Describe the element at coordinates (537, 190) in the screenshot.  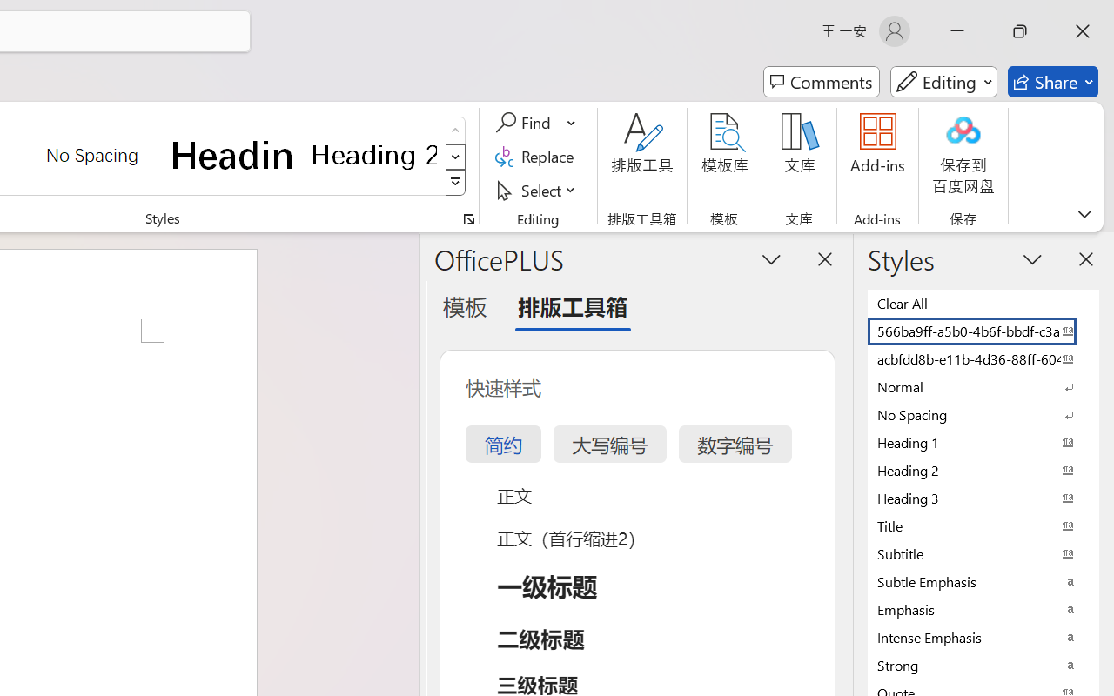
I see `'Select'` at that location.